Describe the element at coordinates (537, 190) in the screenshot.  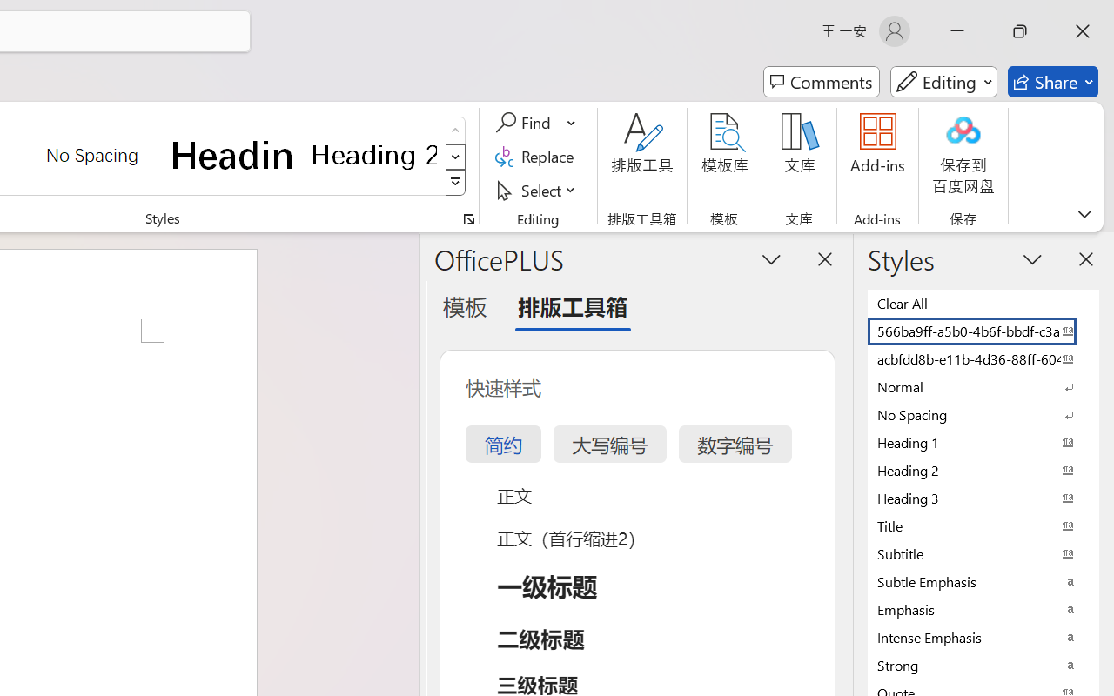
I see `'Select'` at that location.